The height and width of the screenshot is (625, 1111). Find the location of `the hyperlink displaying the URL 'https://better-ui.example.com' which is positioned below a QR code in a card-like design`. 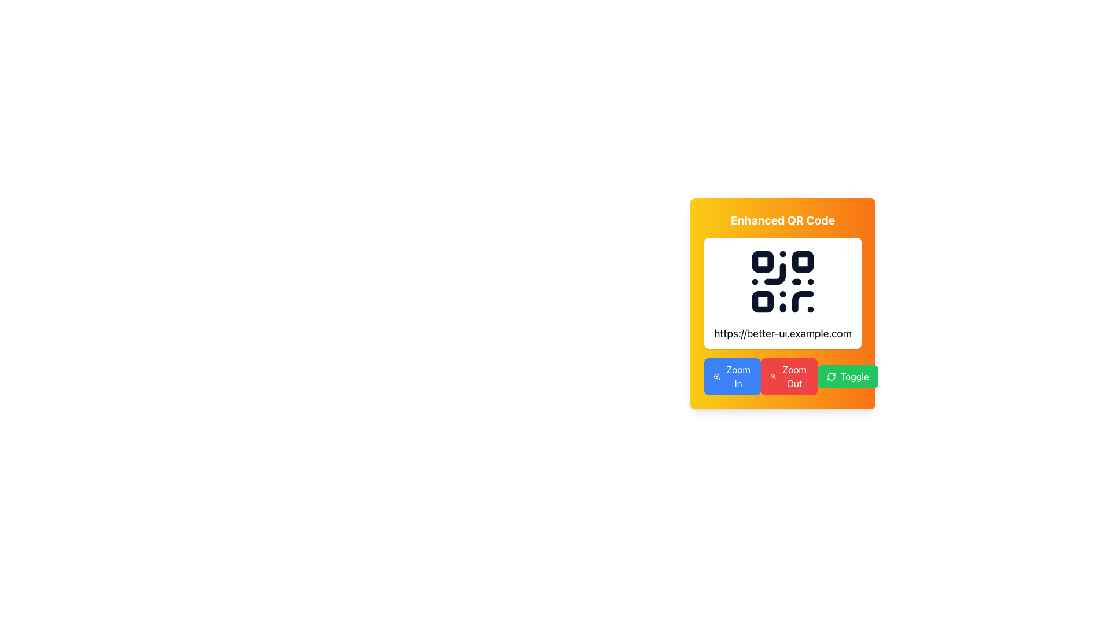

the hyperlink displaying the URL 'https://better-ui.example.com' which is positioned below a QR code in a card-like design is located at coordinates (783, 334).